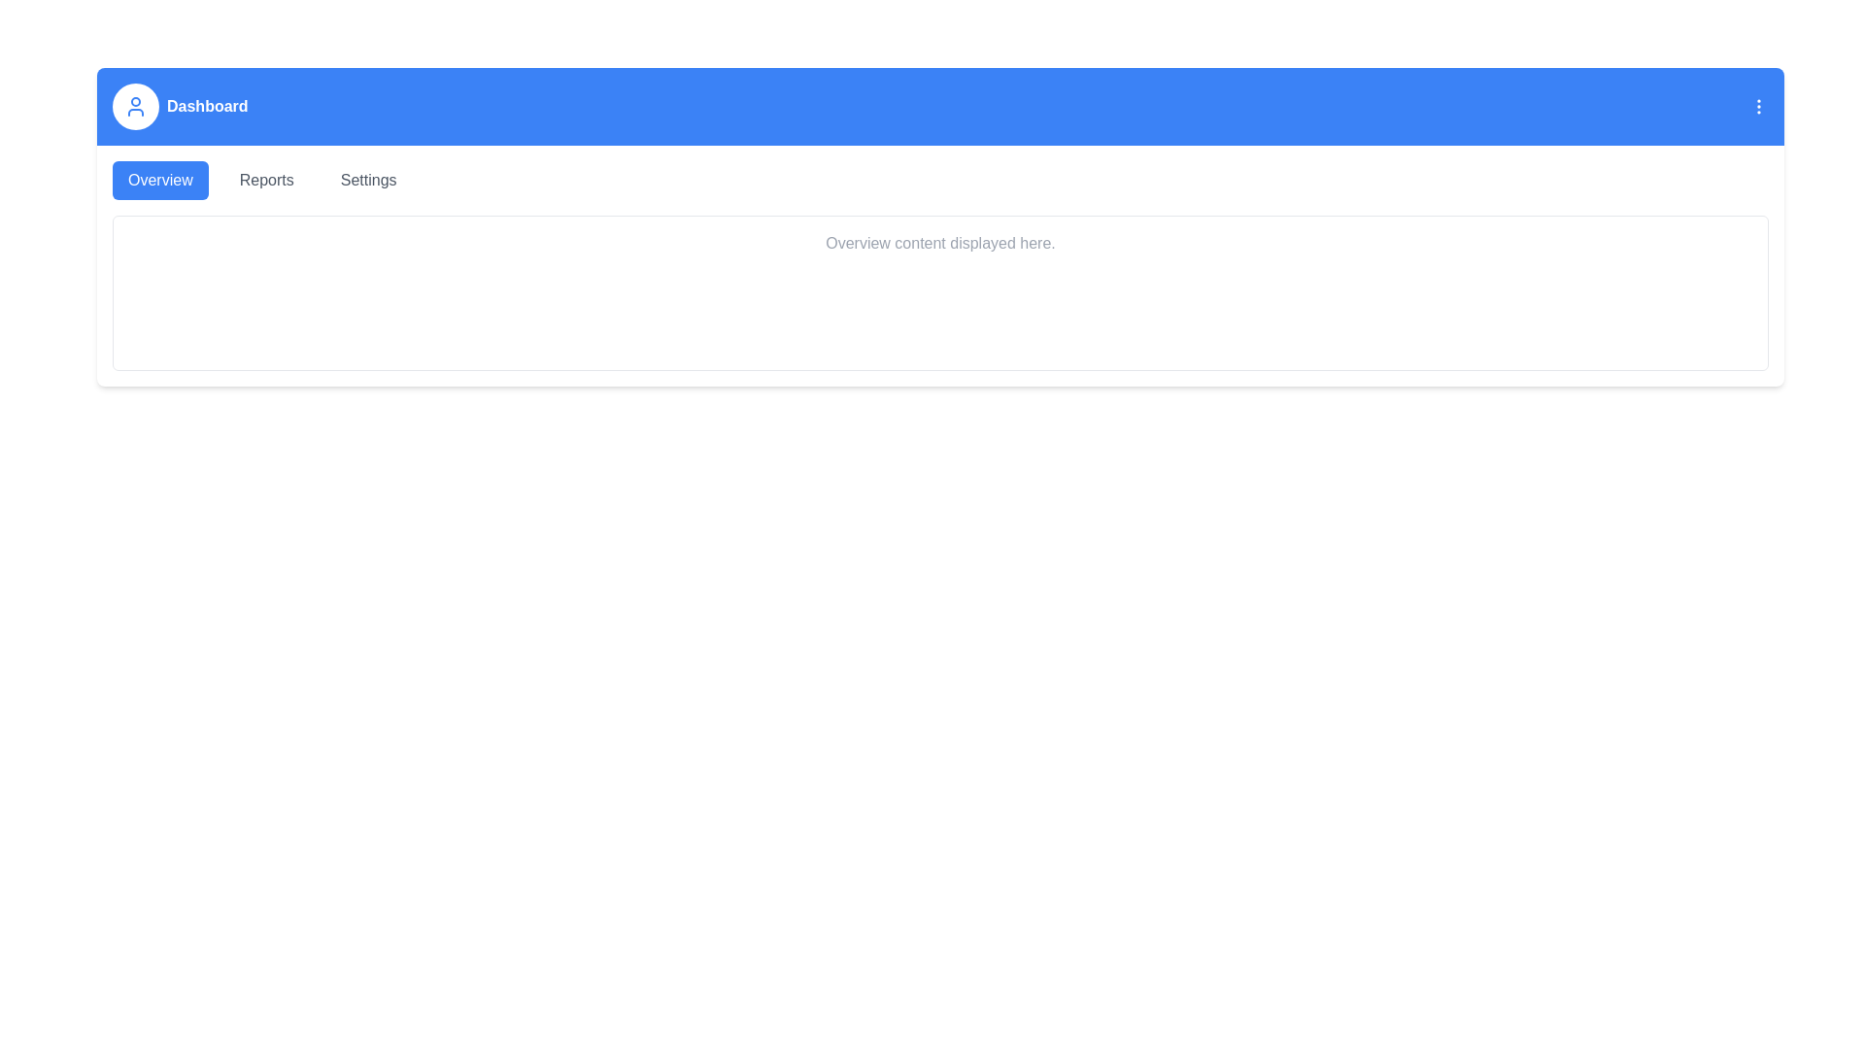 The height and width of the screenshot is (1049, 1865). What do you see at coordinates (265, 180) in the screenshot?
I see `the 'Reports' navigation button, which is the second button in a horizontal row of buttons labeled 'Overview', 'Reports', and 'Settings'` at bounding box center [265, 180].